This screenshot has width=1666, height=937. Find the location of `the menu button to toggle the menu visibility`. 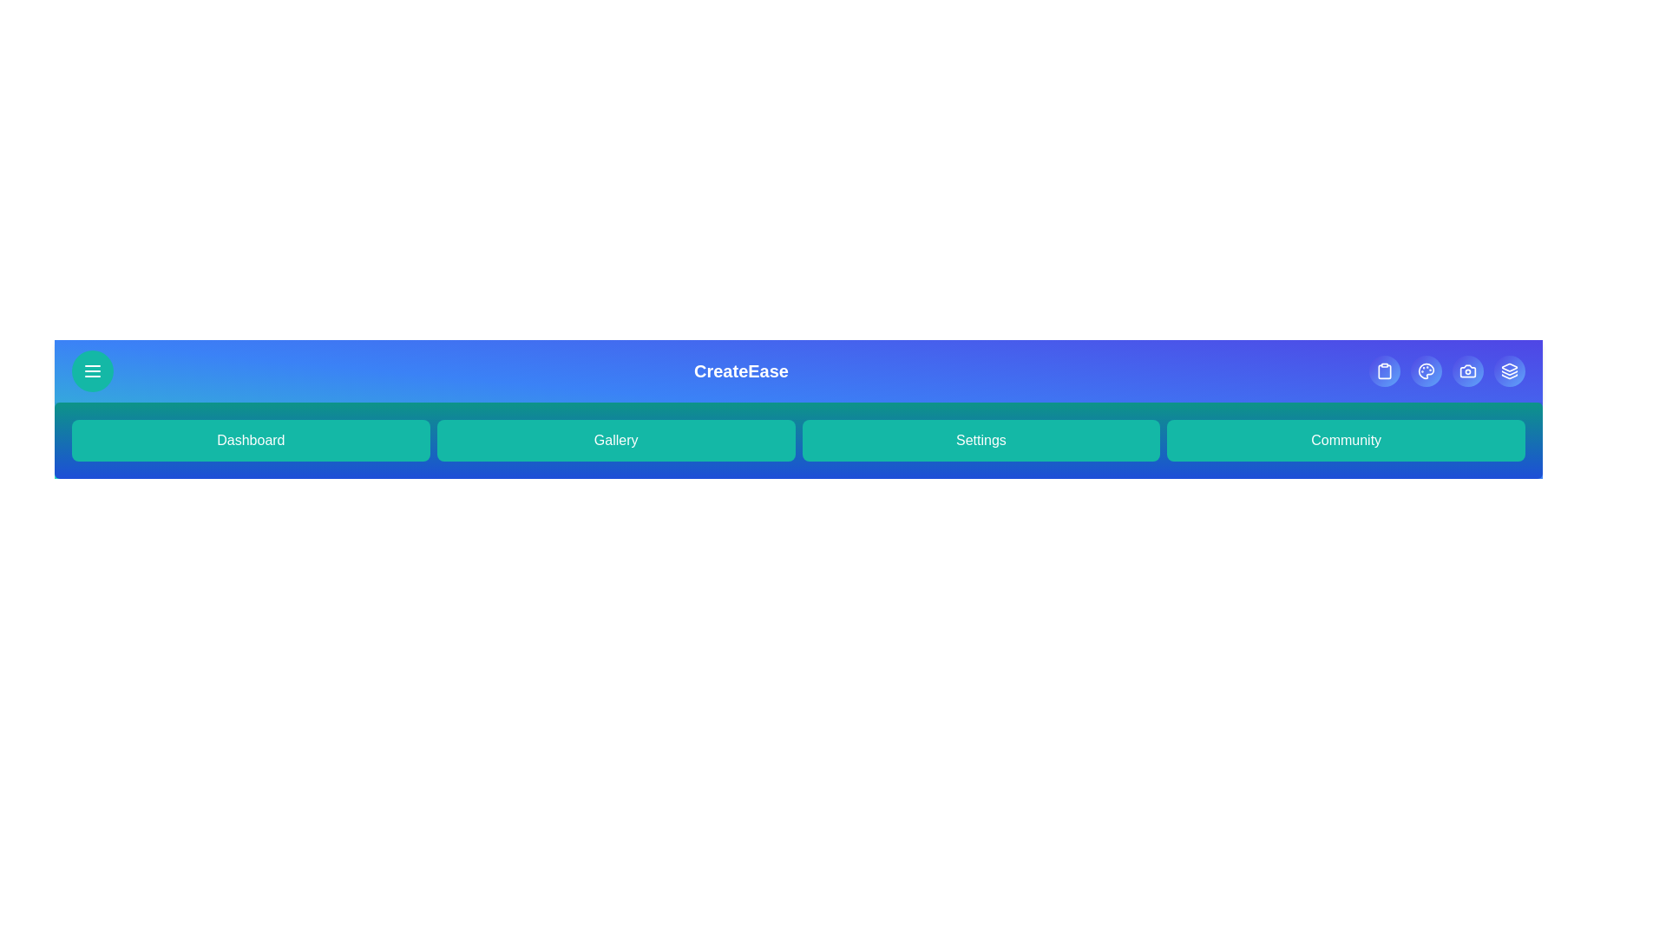

the menu button to toggle the menu visibility is located at coordinates (91, 370).